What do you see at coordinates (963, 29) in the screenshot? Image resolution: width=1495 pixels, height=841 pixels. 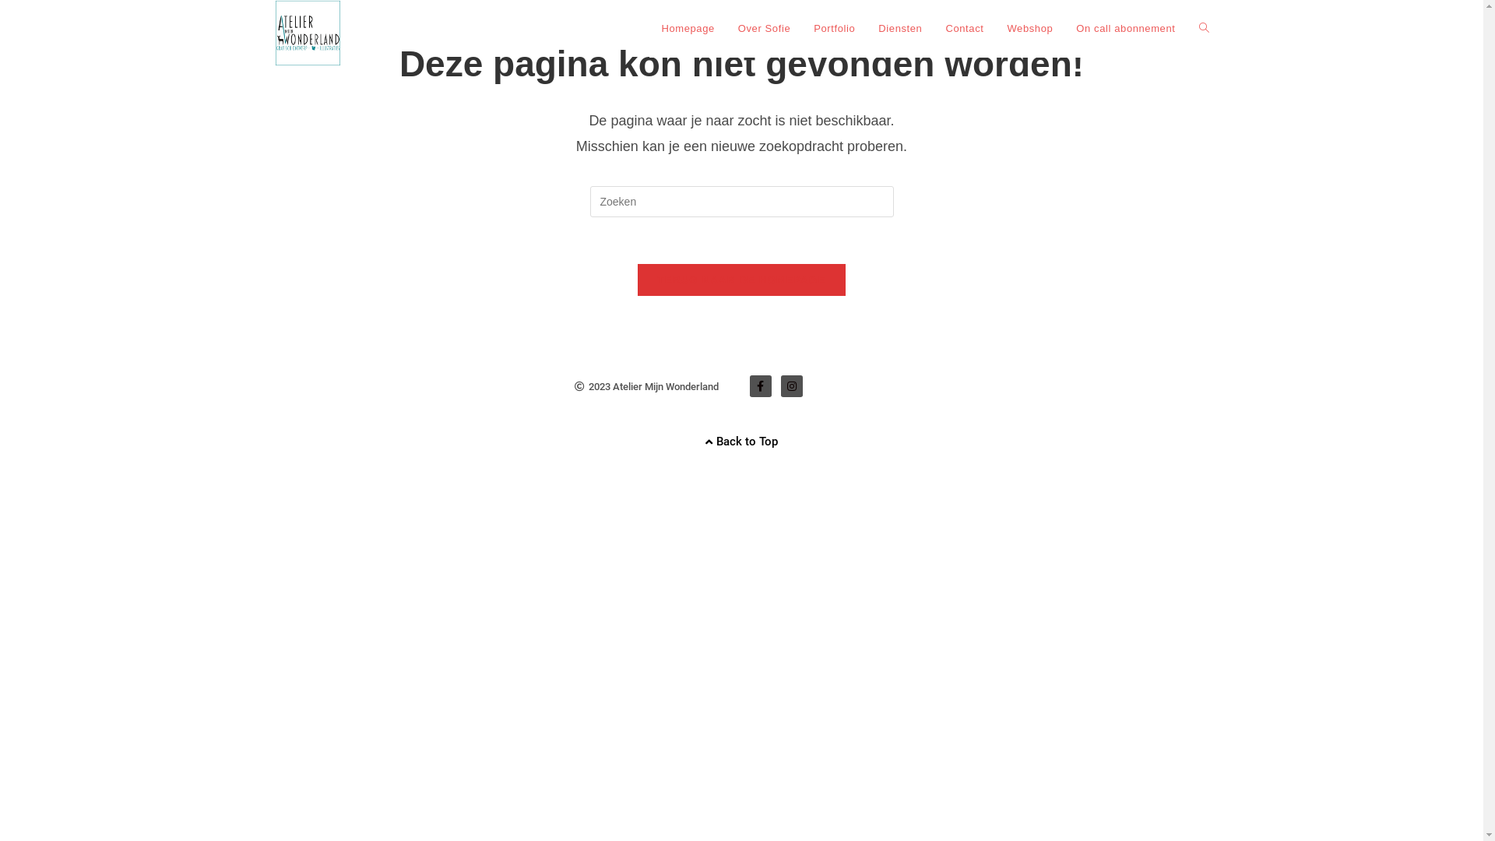 I see `'Contact'` at bounding box center [963, 29].